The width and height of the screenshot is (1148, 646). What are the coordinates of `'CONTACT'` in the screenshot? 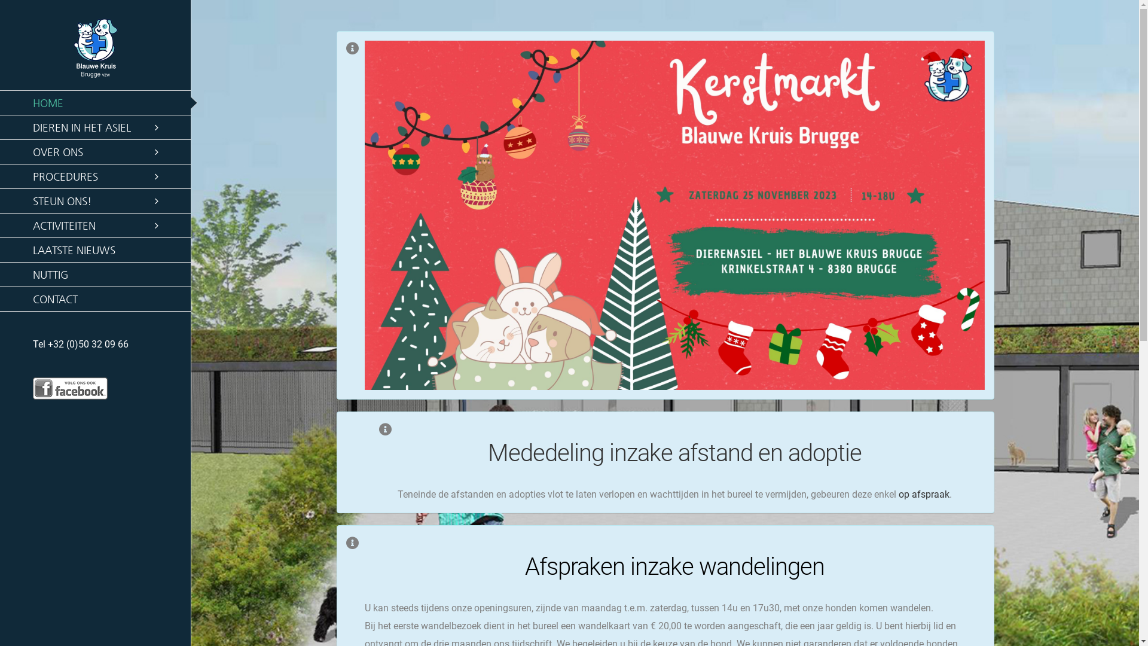 It's located at (94, 298).